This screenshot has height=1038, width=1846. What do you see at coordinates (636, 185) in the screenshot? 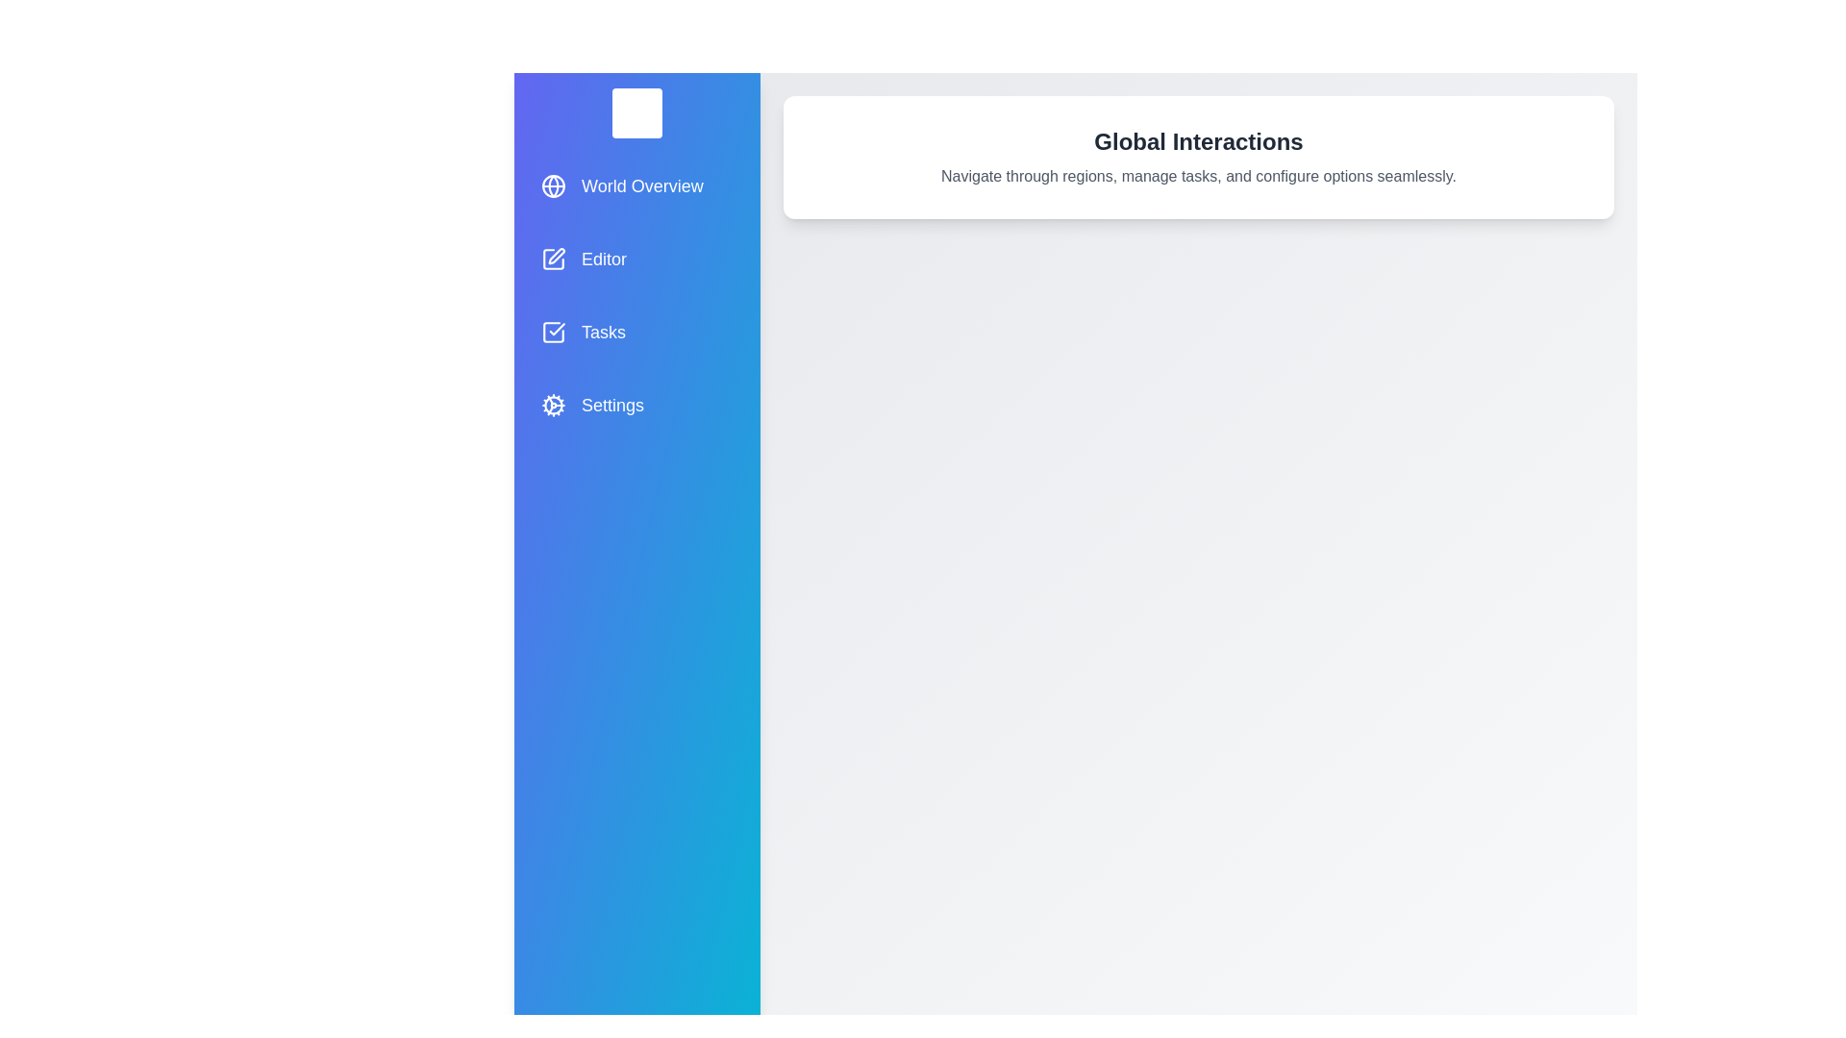
I see `the 'World Overview' menu item` at bounding box center [636, 185].